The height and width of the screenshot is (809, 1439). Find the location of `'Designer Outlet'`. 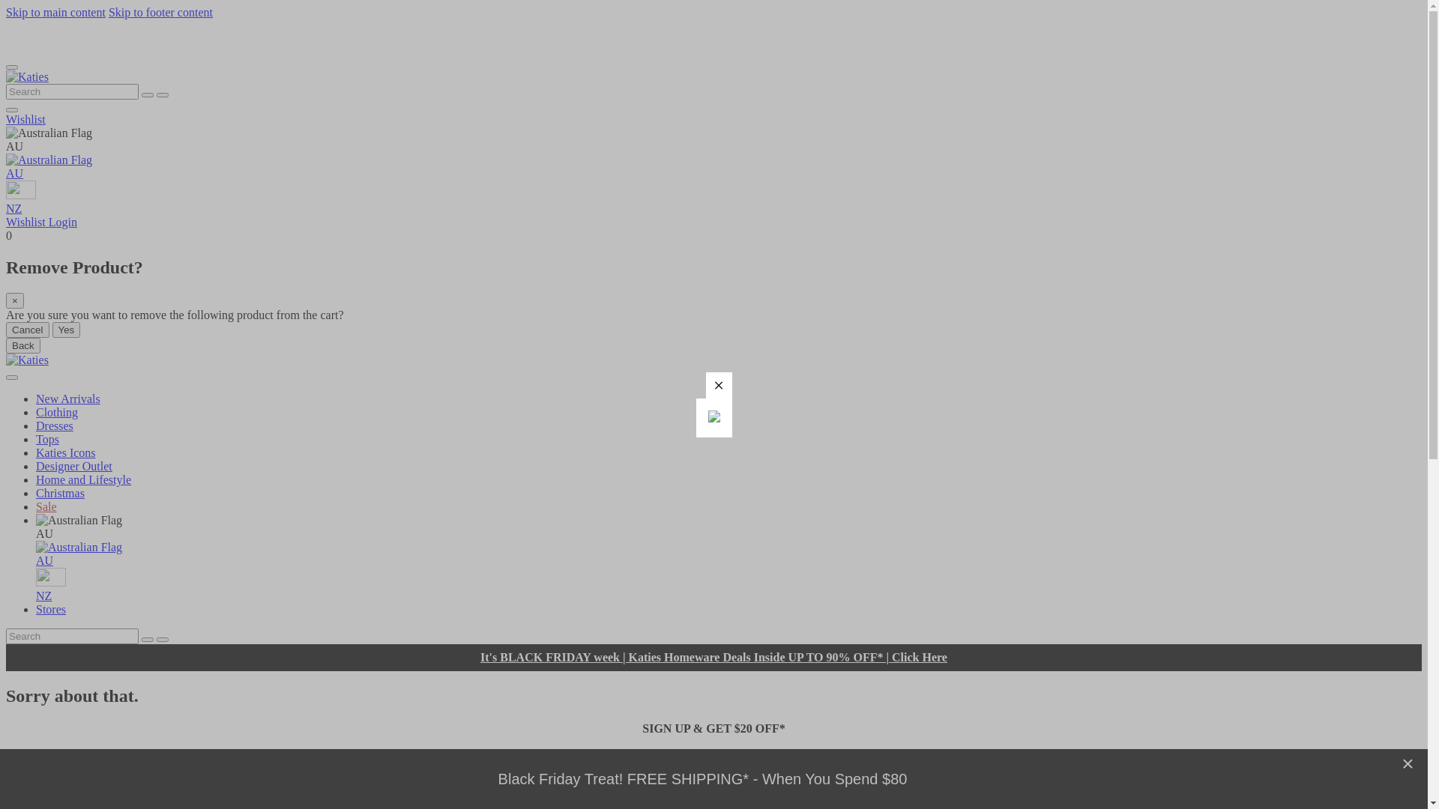

'Designer Outlet' is located at coordinates (73, 465).